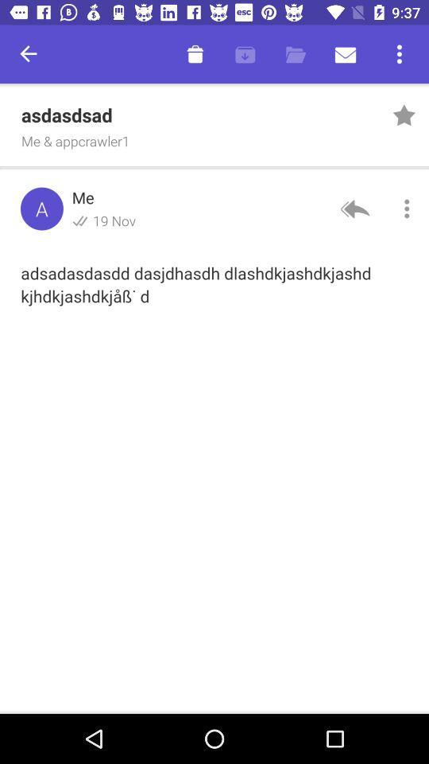 Image resolution: width=429 pixels, height=764 pixels. Describe the element at coordinates (355, 208) in the screenshot. I see `the reply icon` at that location.